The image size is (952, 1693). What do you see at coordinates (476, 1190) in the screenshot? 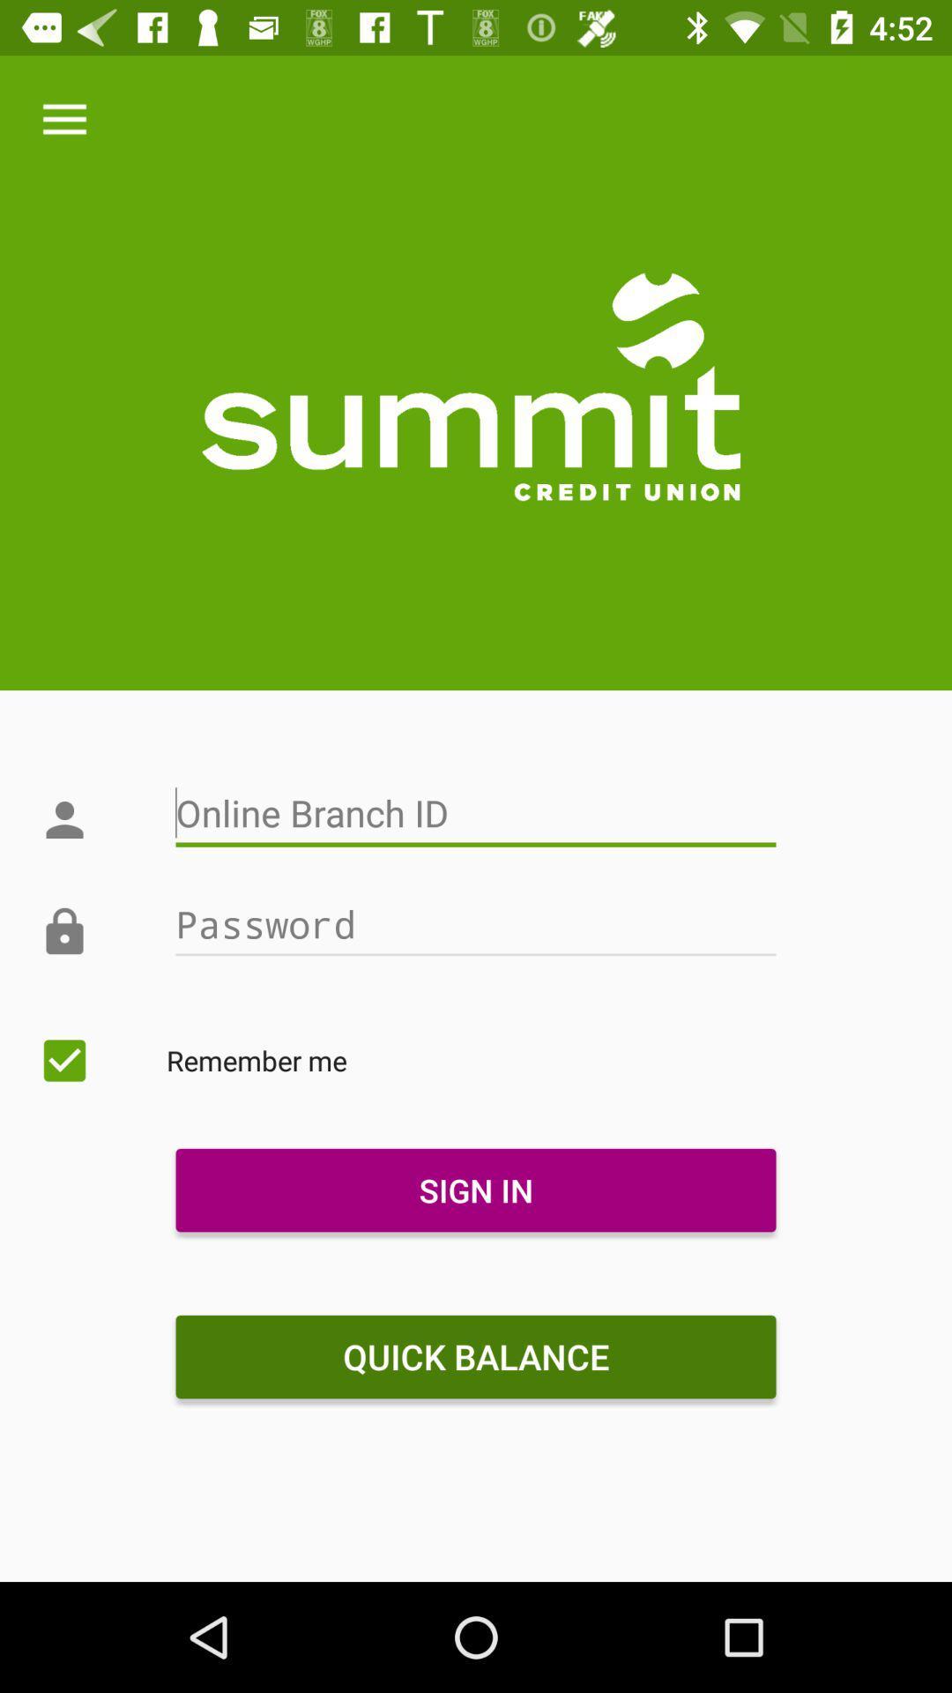
I see `sign in item` at bounding box center [476, 1190].